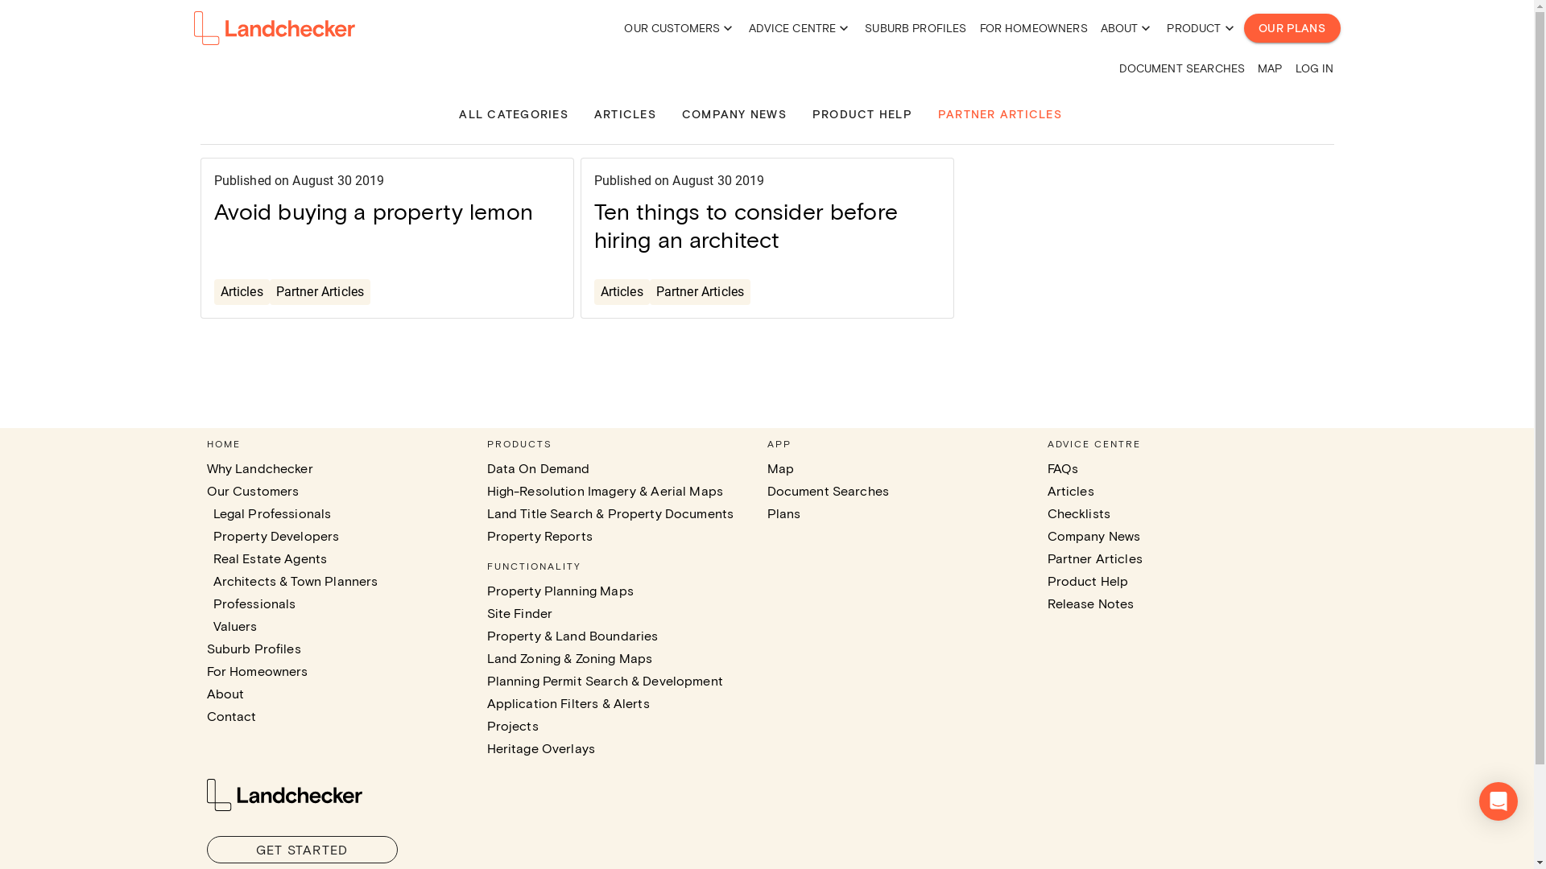 Image resolution: width=1546 pixels, height=869 pixels. What do you see at coordinates (979, 27) in the screenshot?
I see `'FOR HOMEOWNERS'` at bounding box center [979, 27].